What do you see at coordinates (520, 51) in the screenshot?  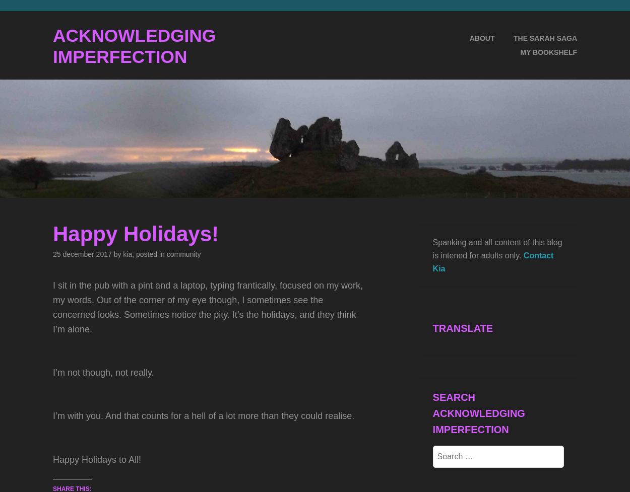 I see `'My Bookshelf'` at bounding box center [520, 51].